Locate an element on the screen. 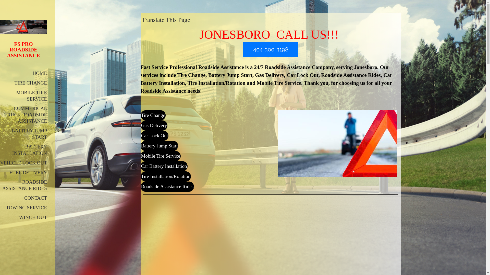 The width and height of the screenshot is (490, 275). 'Tire Change' is located at coordinates (140, 115).